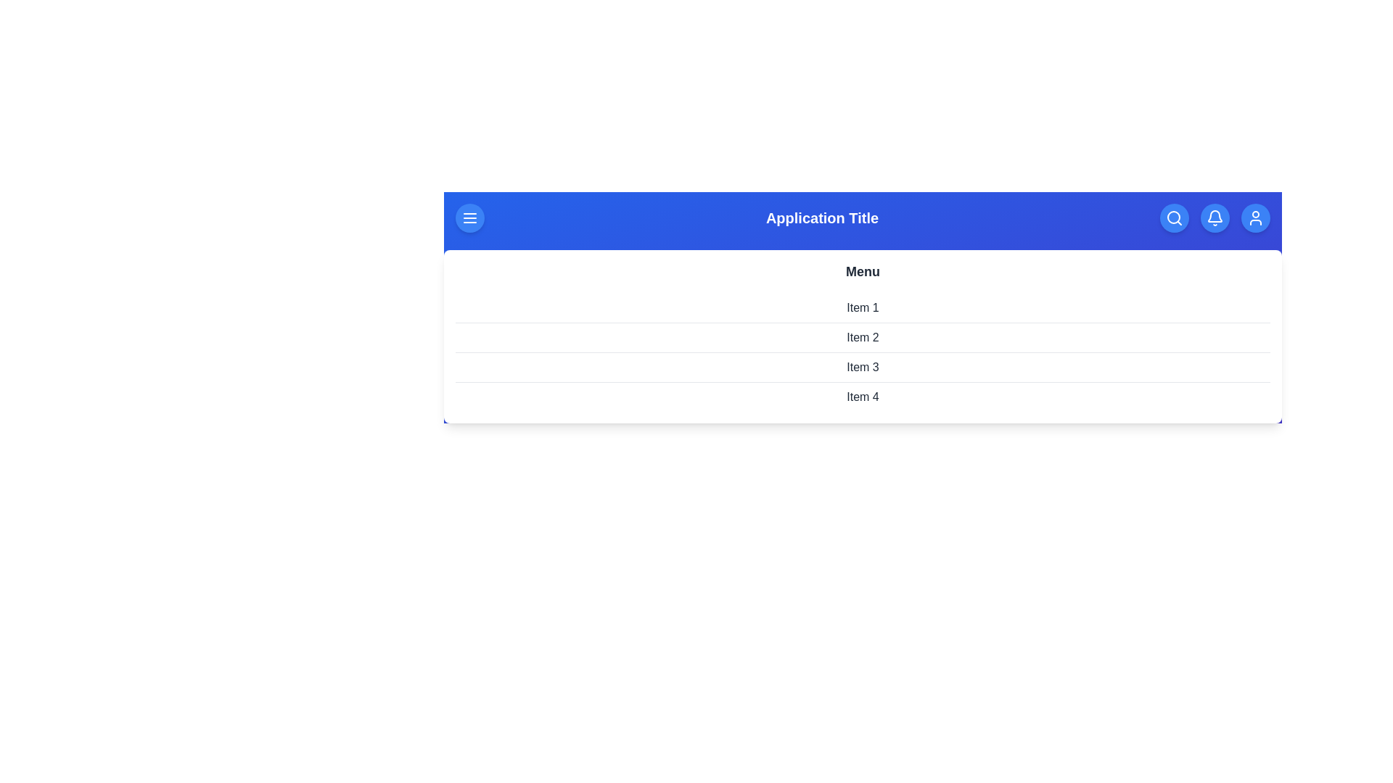  I want to click on the user profile button, so click(1255, 217).